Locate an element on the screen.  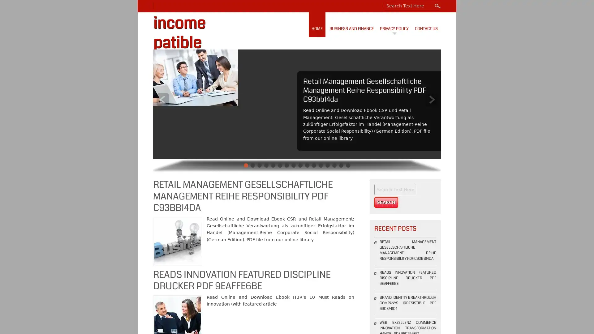
Search is located at coordinates (386, 202).